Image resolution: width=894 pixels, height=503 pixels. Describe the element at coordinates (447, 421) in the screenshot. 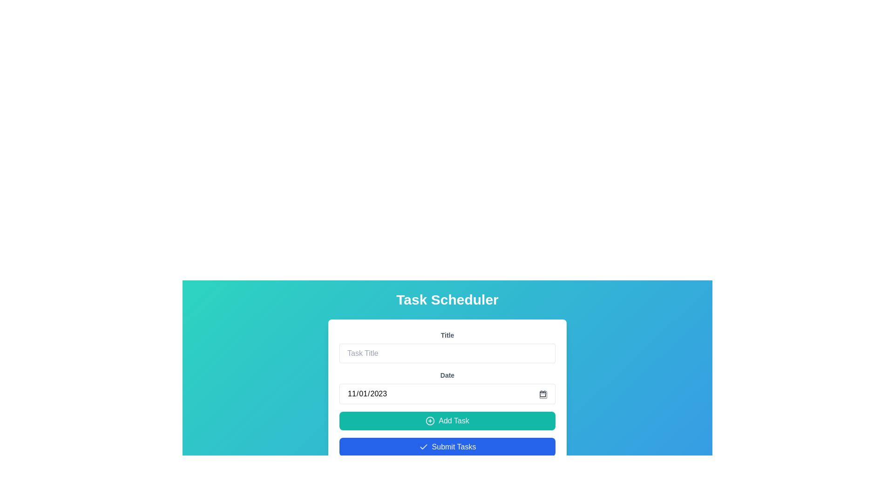

I see `the button intended to trigger the action of adding a new task, located within the 'Task Scheduler' card interface` at that location.